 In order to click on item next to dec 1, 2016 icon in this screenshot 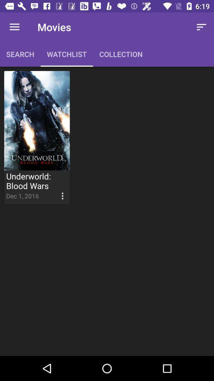, I will do `click(55, 190)`.